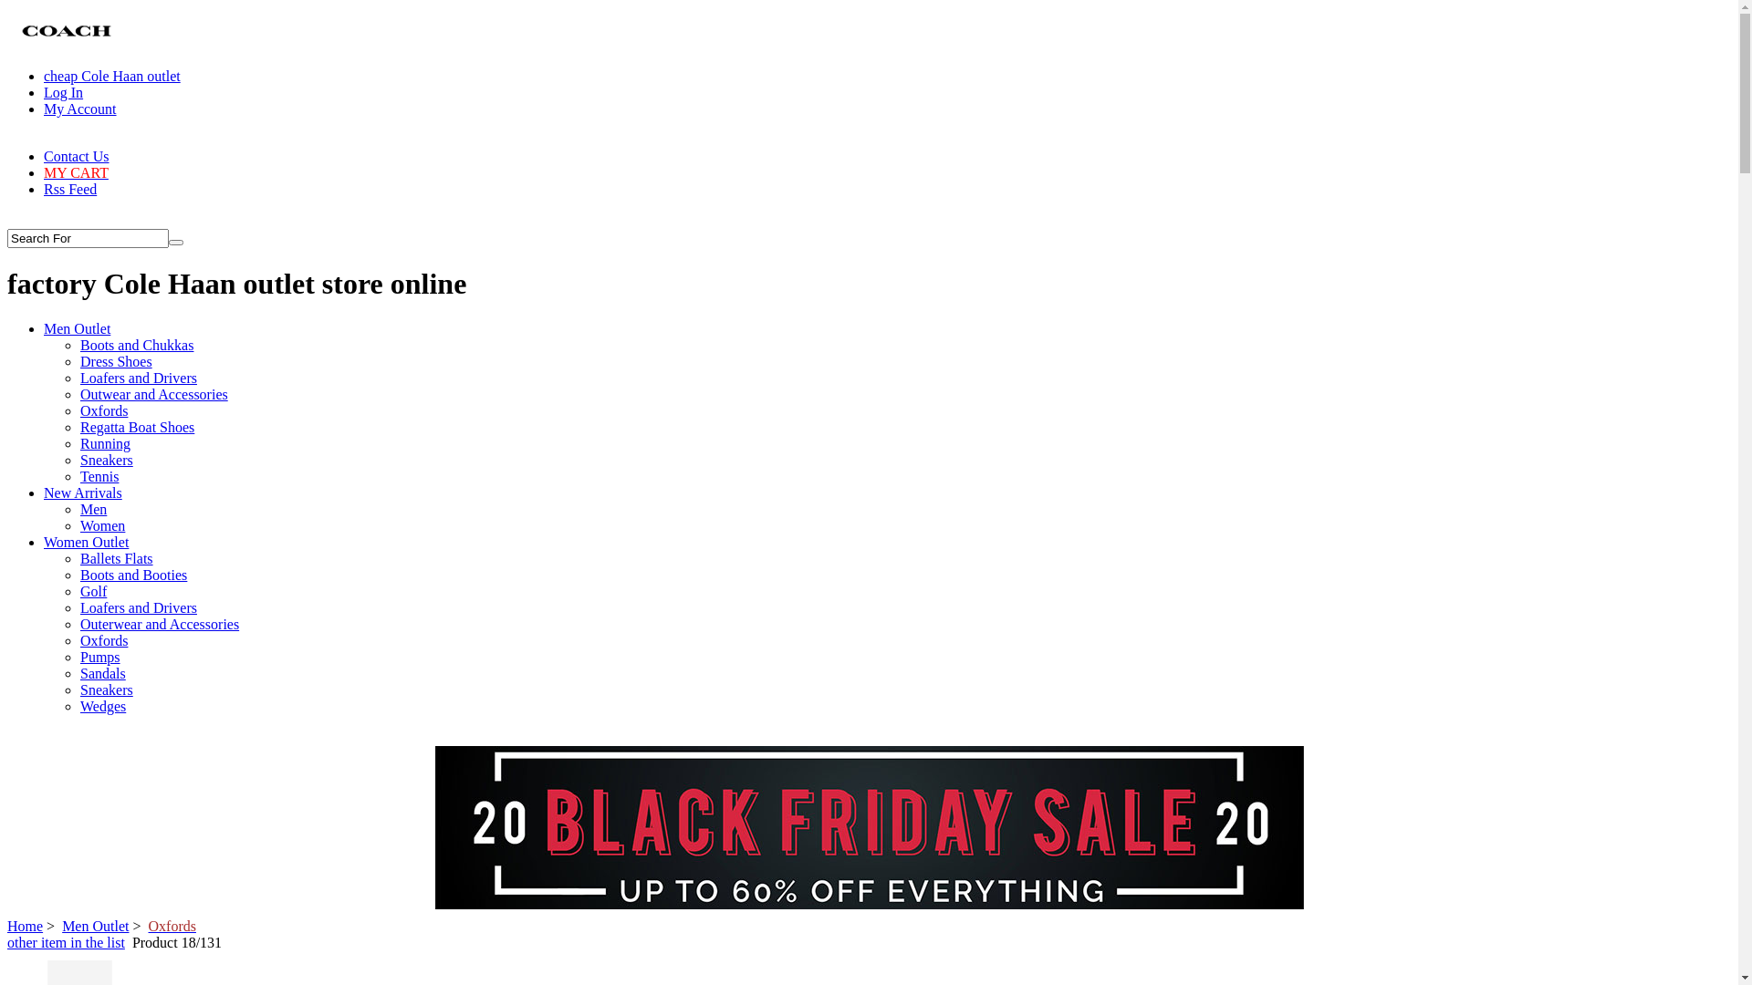 The image size is (1752, 985). Describe the element at coordinates (44, 541) in the screenshot. I see `'Women Outlet'` at that location.